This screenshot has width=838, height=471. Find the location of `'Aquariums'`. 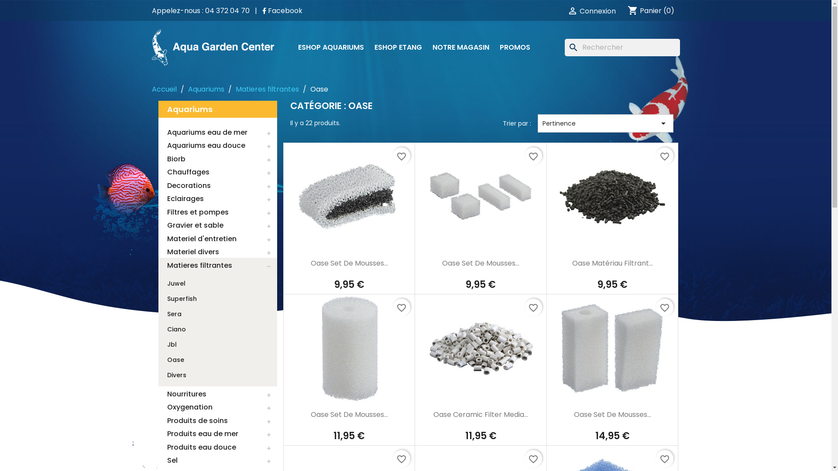

'Aquariums' is located at coordinates (205, 89).